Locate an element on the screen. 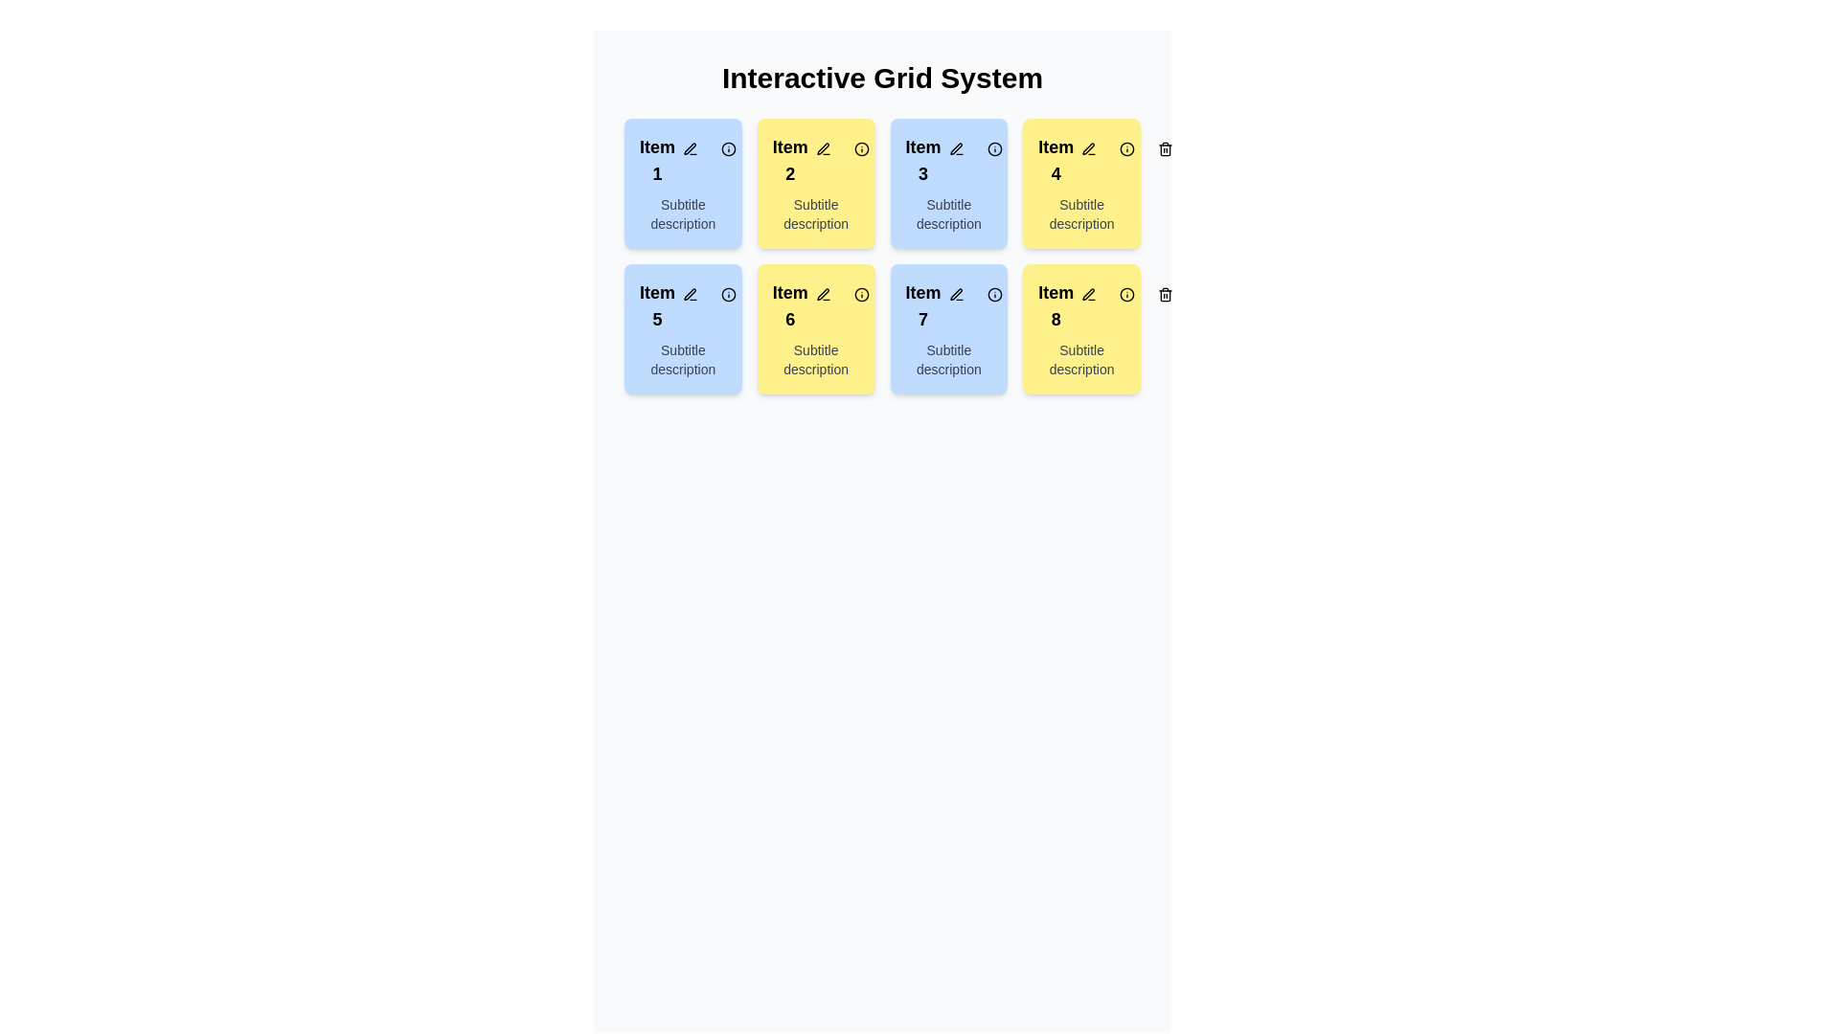 This screenshot has height=1034, width=1839. the editing icon located in the second column of the top row within a yellow card, adjacent to the 'Item 2' label is located at coordinates (823, 147).